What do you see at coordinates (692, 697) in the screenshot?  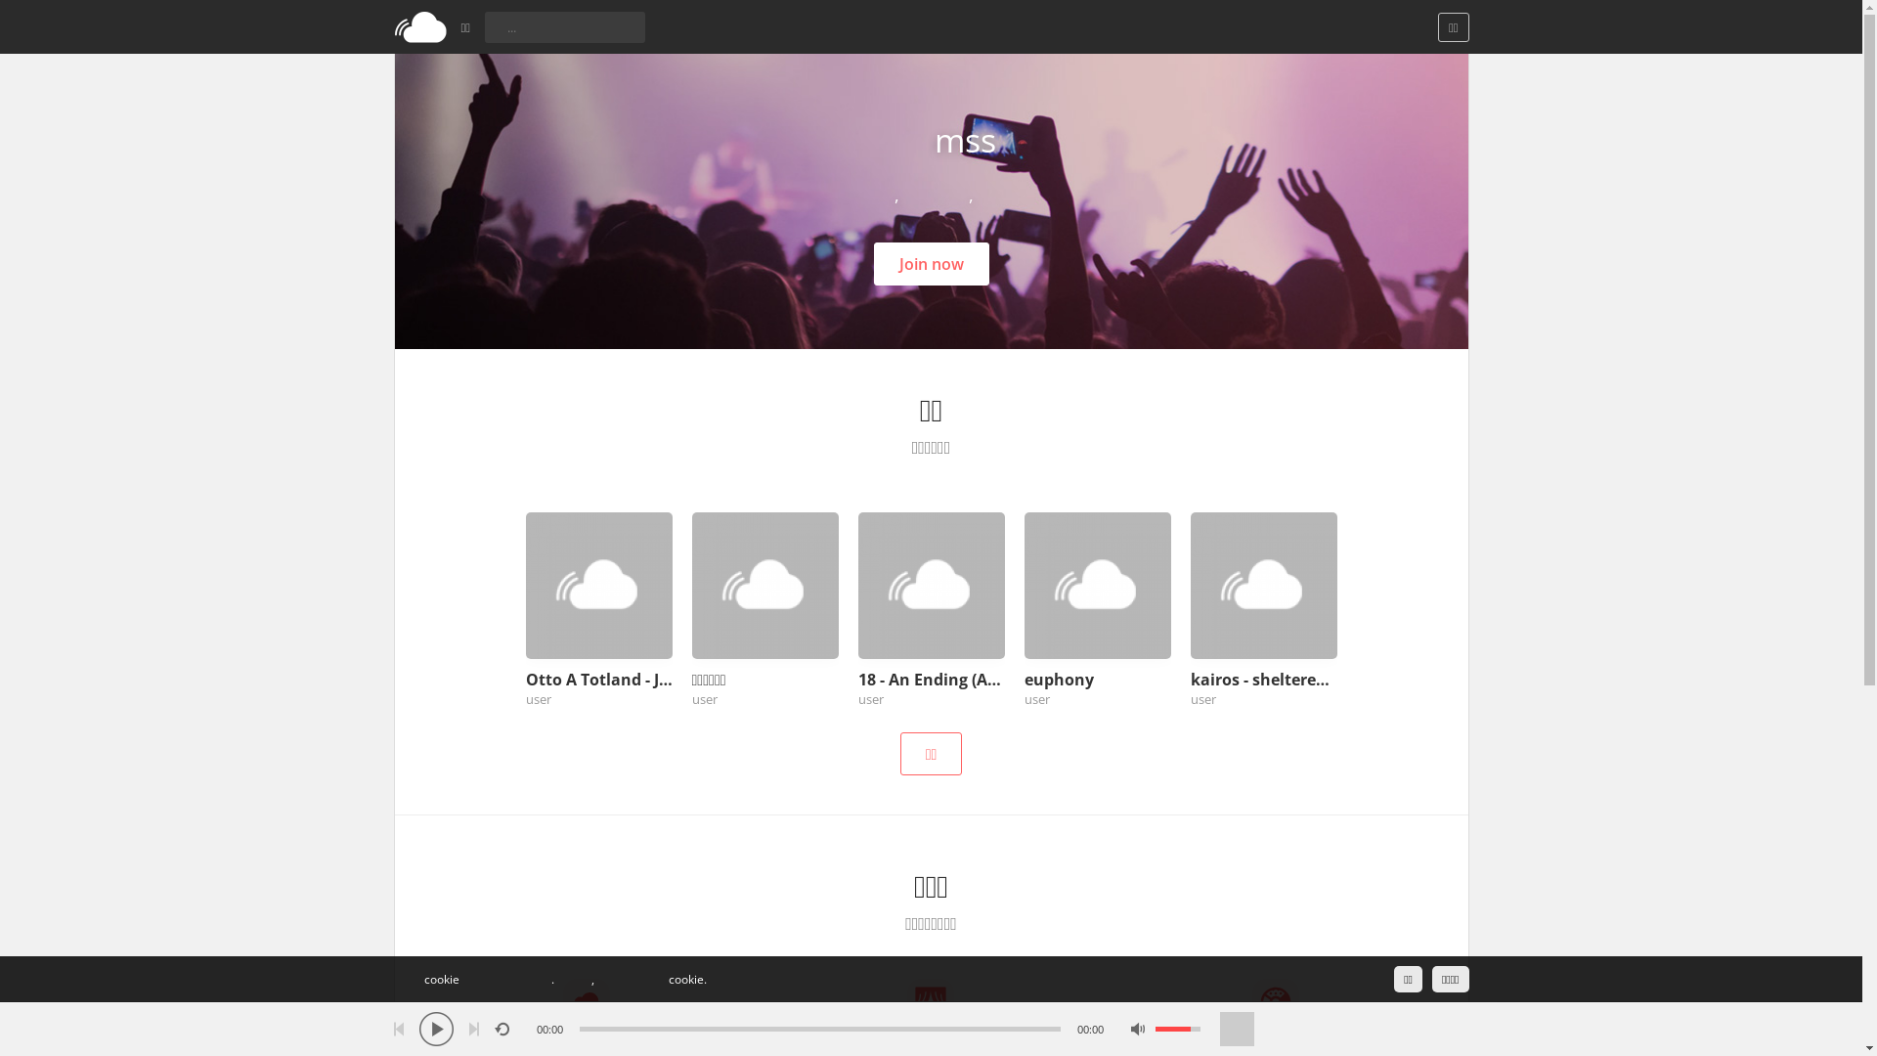 I see `'user'` at bounding box center [692, 697].